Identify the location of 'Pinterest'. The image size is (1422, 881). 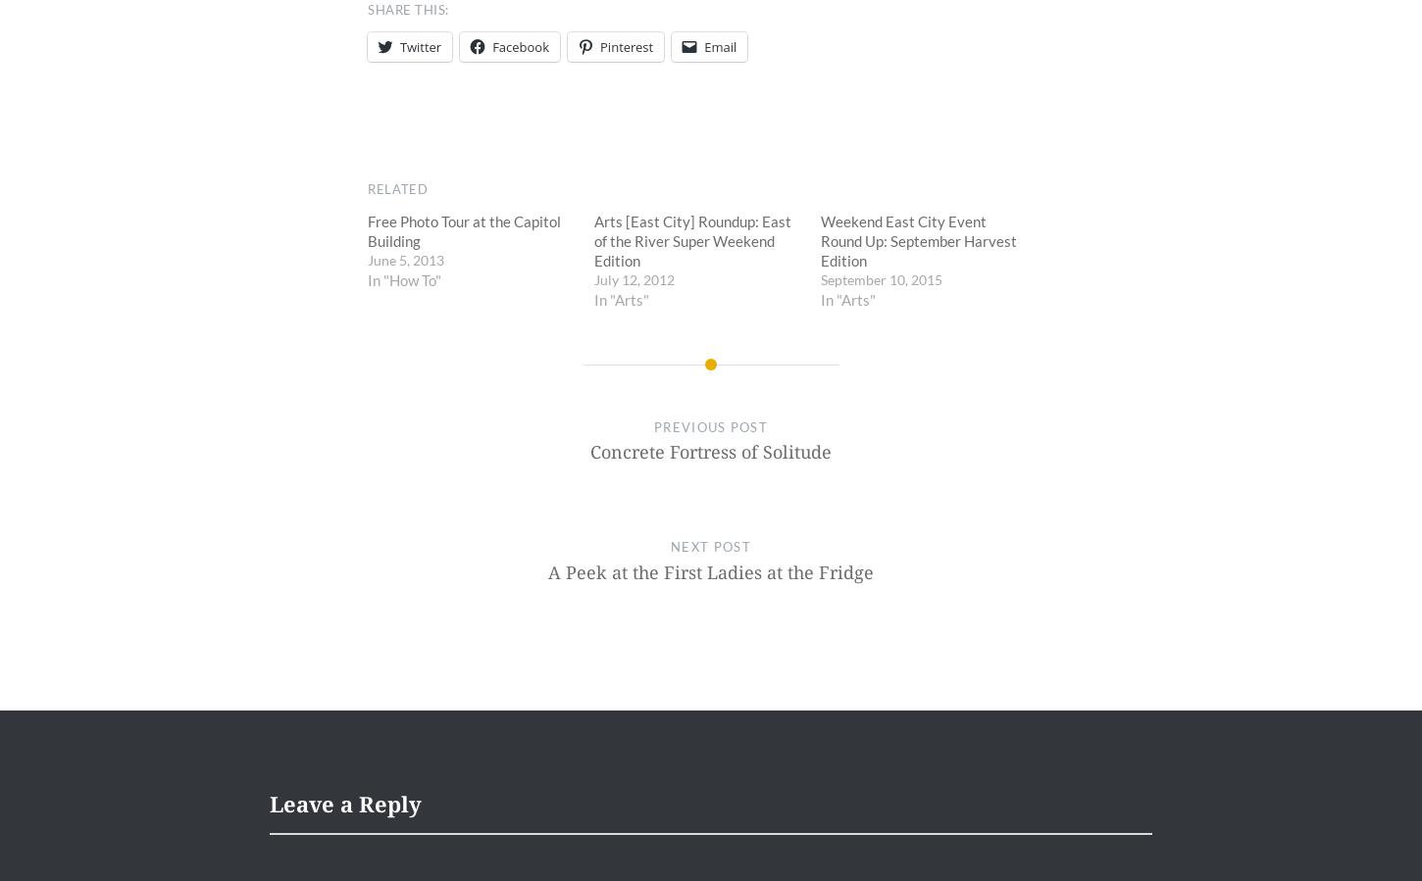
(626, 46).